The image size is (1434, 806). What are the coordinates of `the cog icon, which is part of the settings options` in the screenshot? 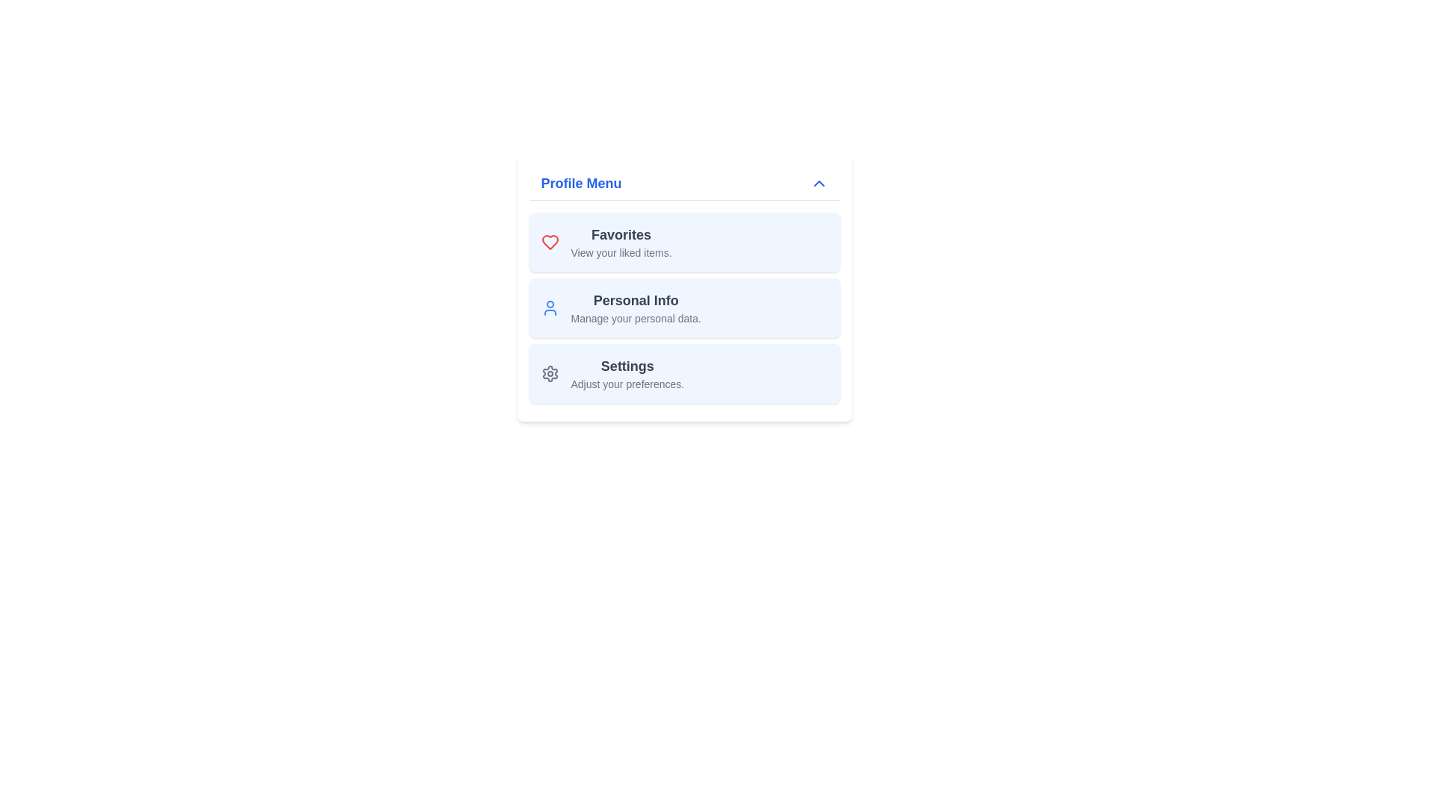 It's located at (549, 373).